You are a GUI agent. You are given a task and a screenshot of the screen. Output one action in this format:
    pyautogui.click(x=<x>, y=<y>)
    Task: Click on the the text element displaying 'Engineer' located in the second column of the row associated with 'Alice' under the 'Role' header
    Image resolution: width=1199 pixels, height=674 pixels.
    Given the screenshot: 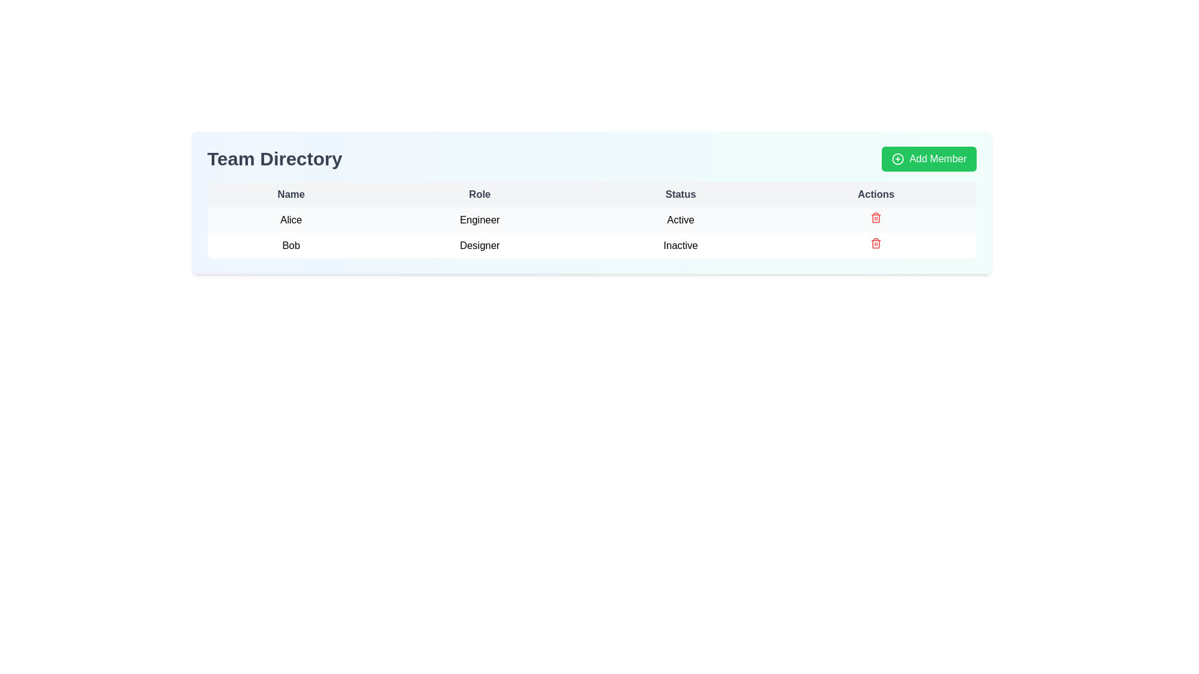 What is the action you would take?
    pyautogui.click(x=479, y=219)
    